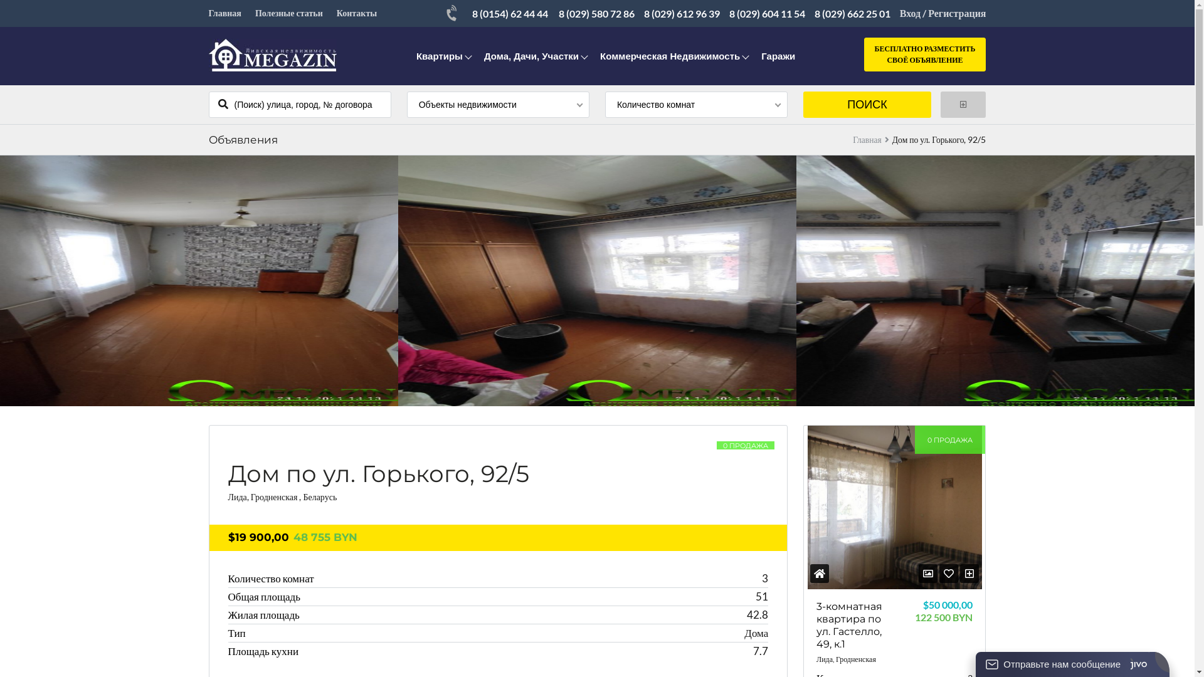 The width and height of the screenshot is (1204, 677). What do you see at coordinates (596, 13) in the screenshot?
I see `'8 (029) 580 72 86'` at bounding box center [596, 13].